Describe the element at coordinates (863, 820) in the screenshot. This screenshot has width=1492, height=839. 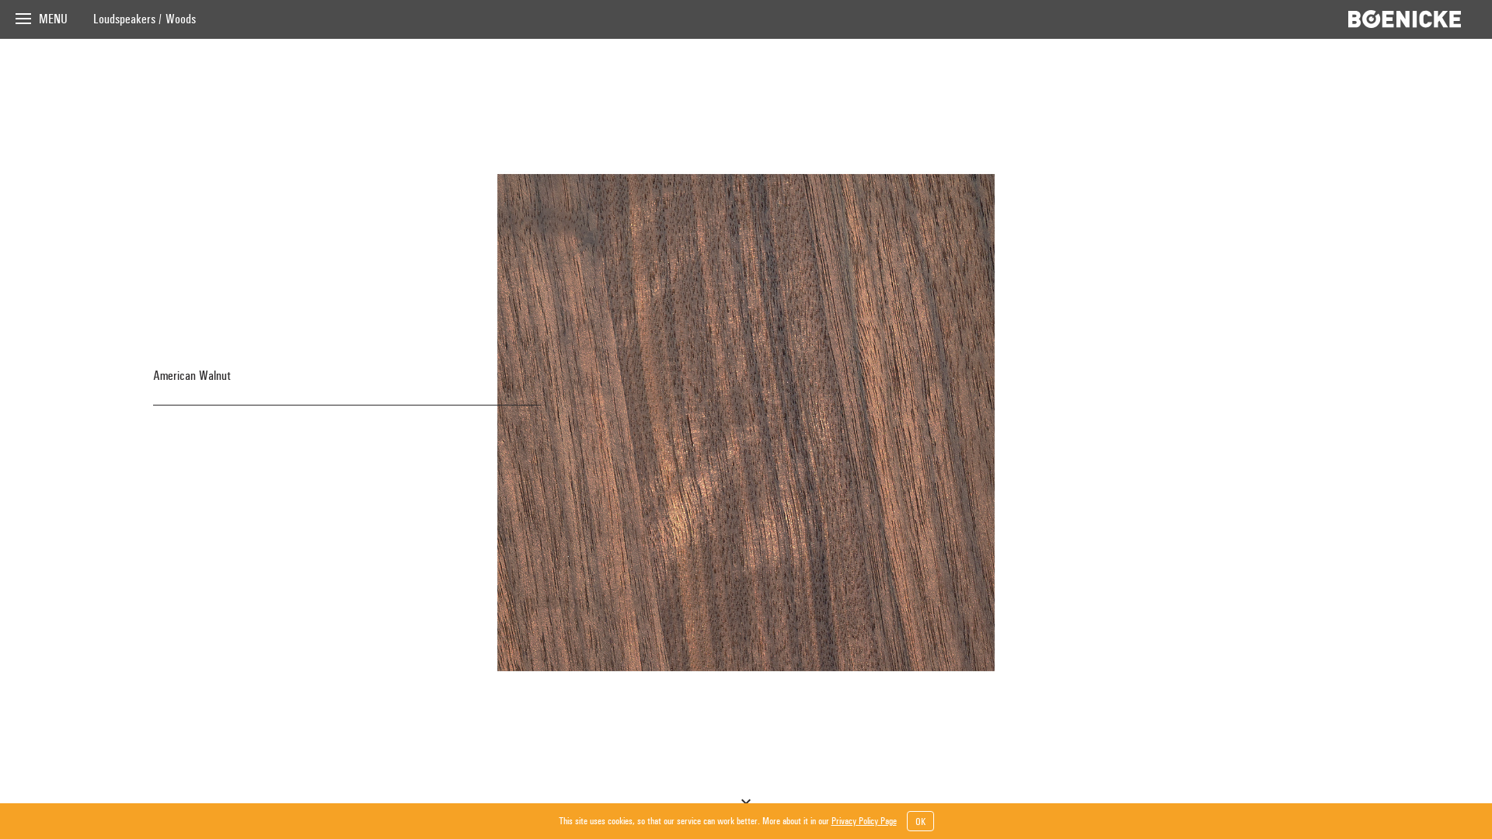
I see `'Privacy Policy Page'` at that location.